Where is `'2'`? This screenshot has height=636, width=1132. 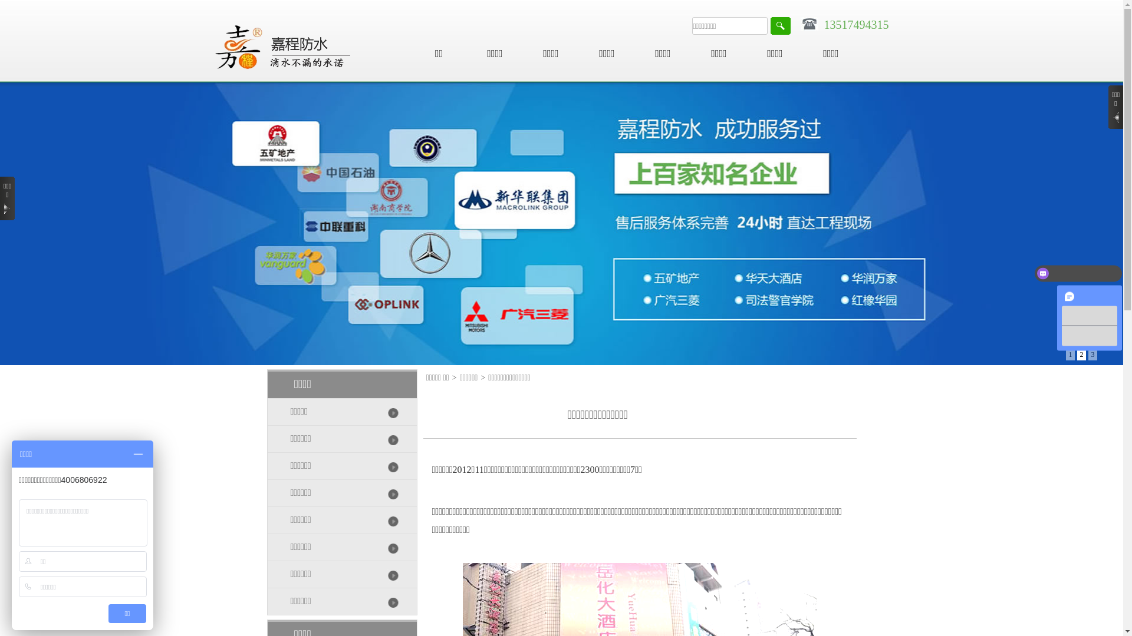
'2' is located at coordinates (1081, 355).